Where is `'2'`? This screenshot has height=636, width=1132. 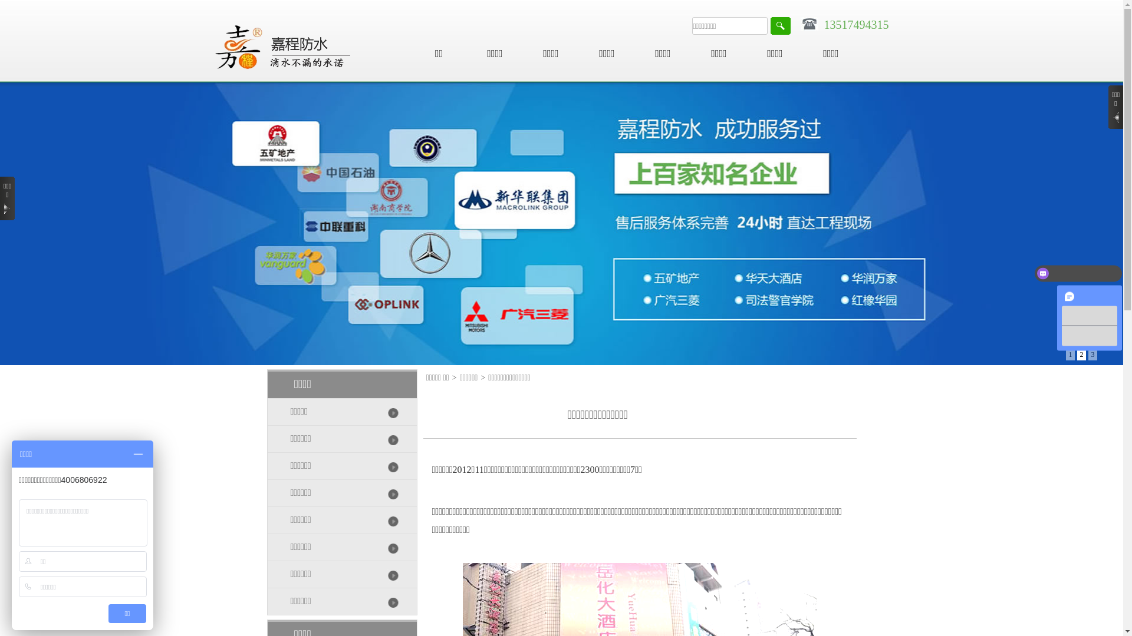
'2' is located at coordinates (1081, 355).